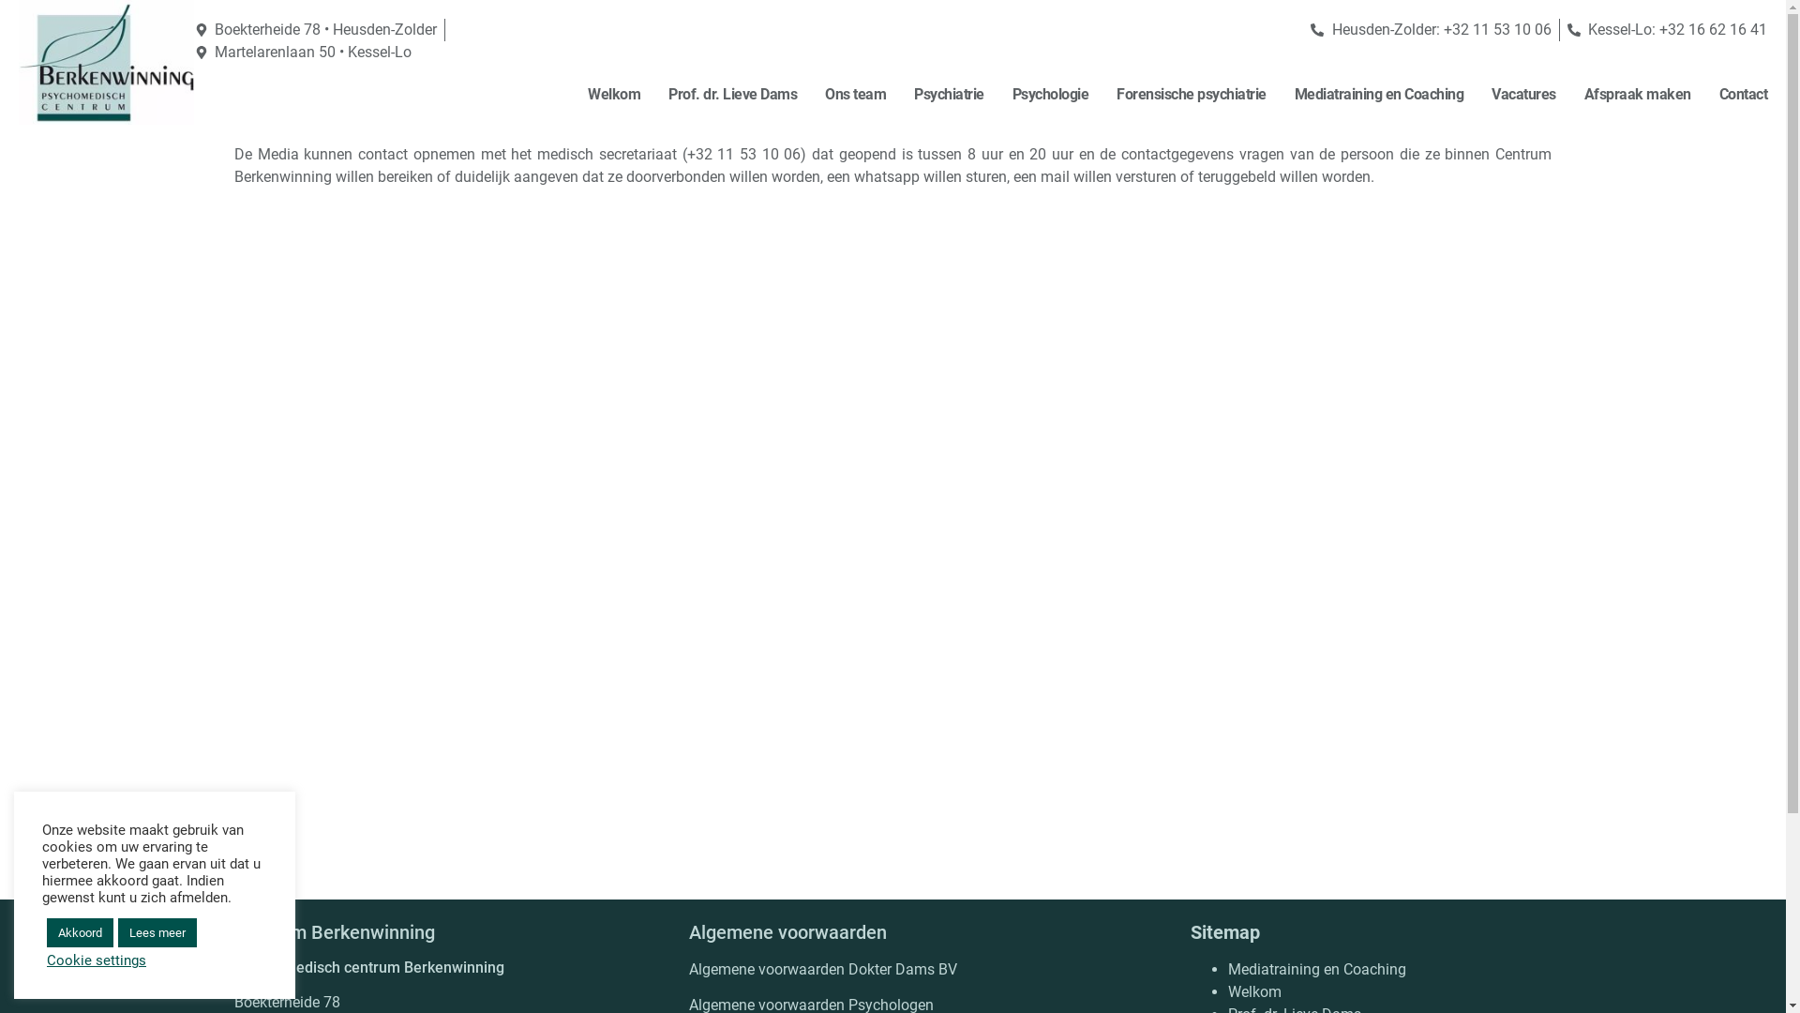  What do you see at coordinates (1637, 94) in the screenshot?
I see `'Afspraak maken'` at bounding box center [1637, 94].